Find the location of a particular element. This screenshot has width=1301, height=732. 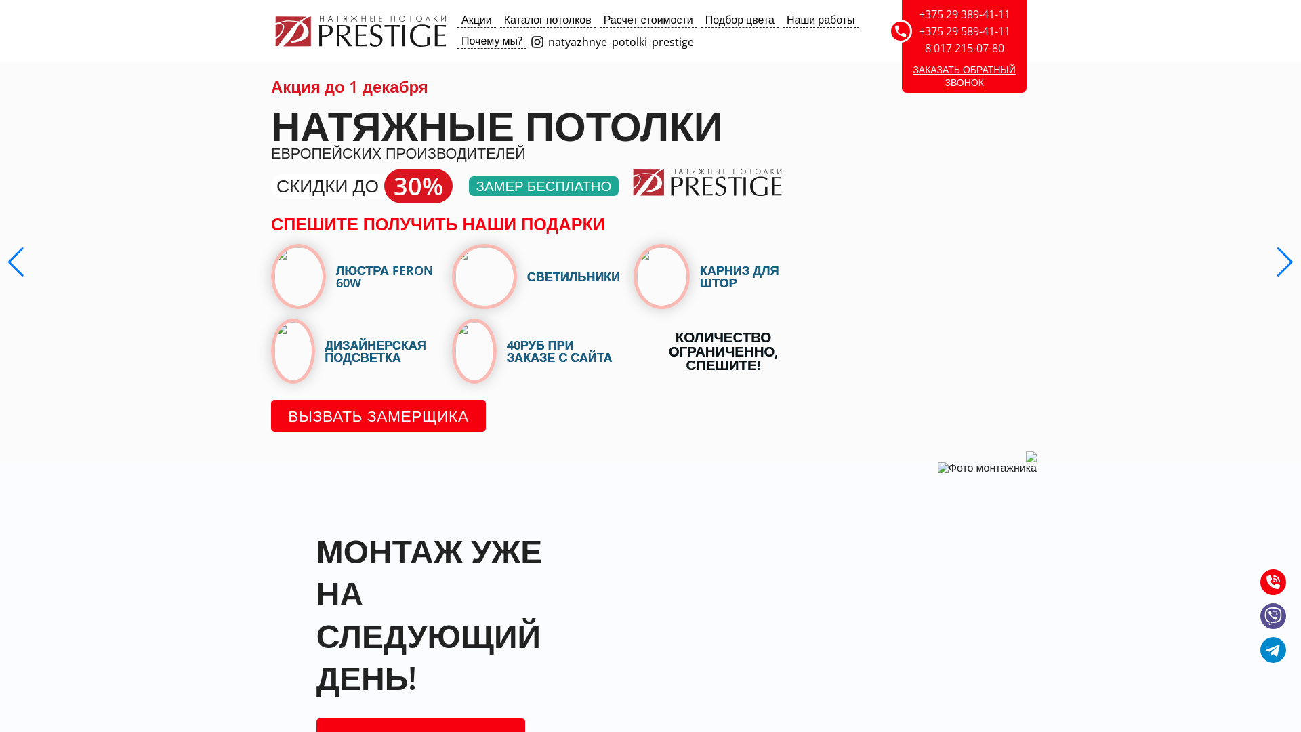

'natyazhnye_potolki_prestige' is located at coordinates (529, 41).